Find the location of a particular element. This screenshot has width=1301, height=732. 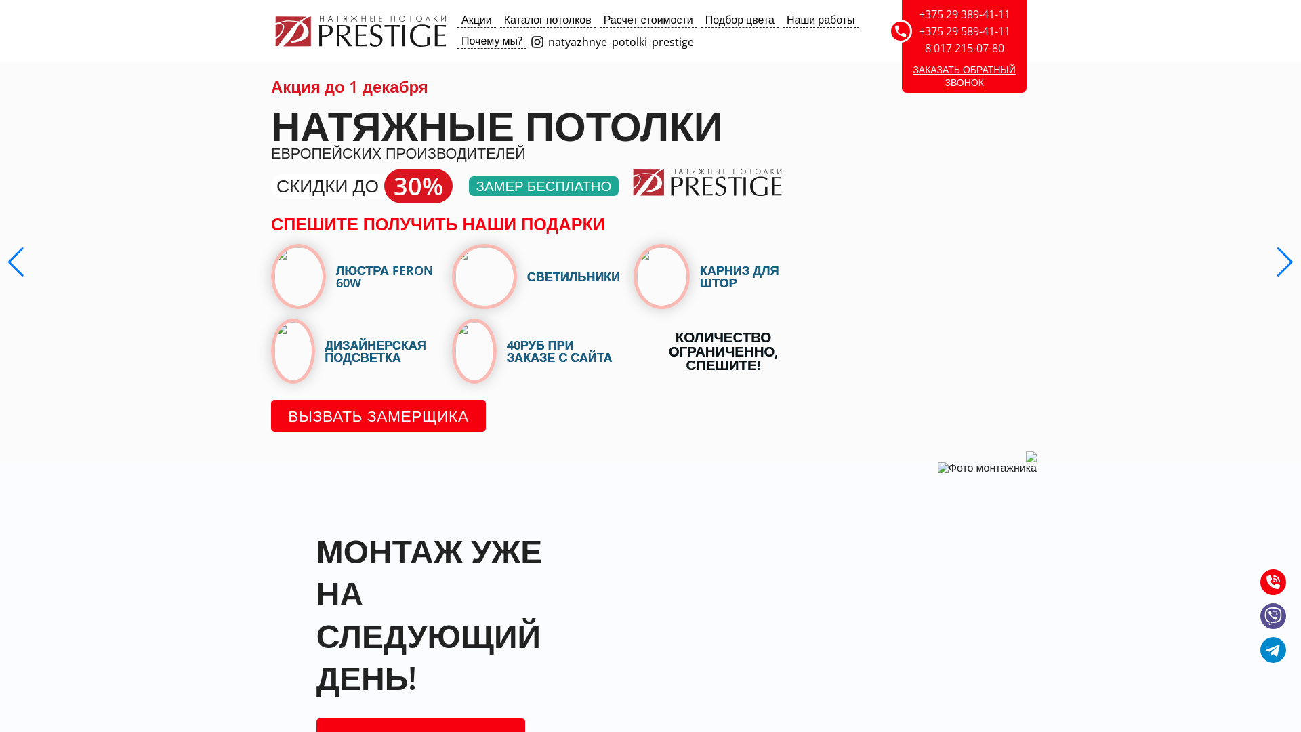

'natyazhnye_potolki_prestige' is located at coordinates (529, 41).